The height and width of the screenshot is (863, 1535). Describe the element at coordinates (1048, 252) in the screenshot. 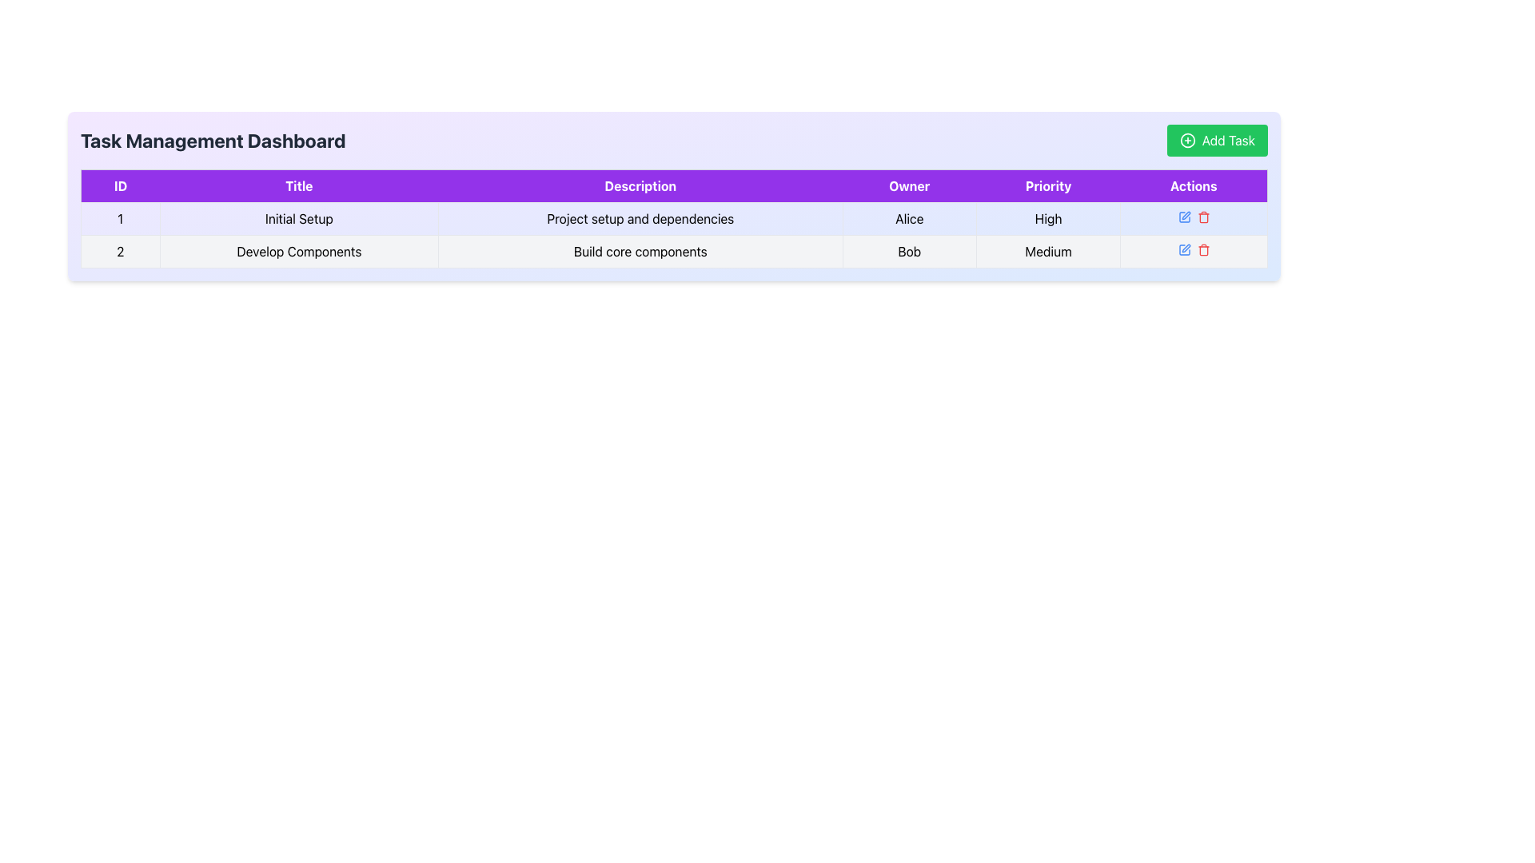

I see `the 'Medium' priority text label in the 'Priority' column of the 'Develop Components' row` at that location.